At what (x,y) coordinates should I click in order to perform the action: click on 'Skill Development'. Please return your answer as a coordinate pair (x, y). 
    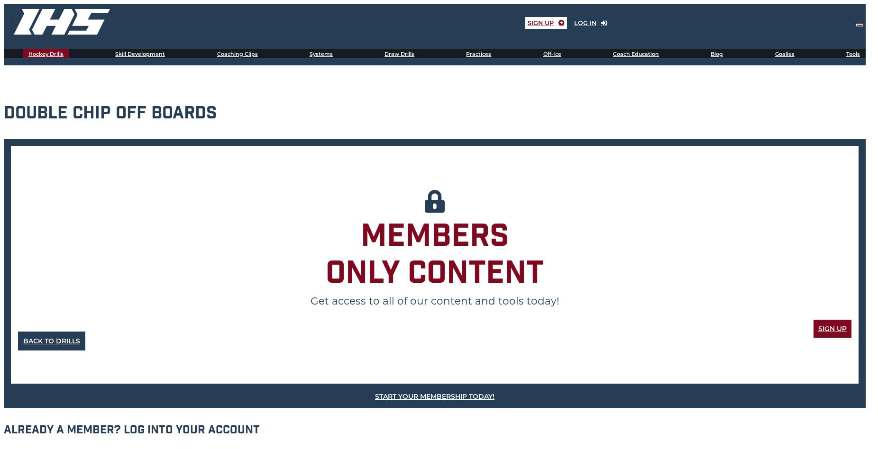
    Looking at the image, I should click on (140, 54).